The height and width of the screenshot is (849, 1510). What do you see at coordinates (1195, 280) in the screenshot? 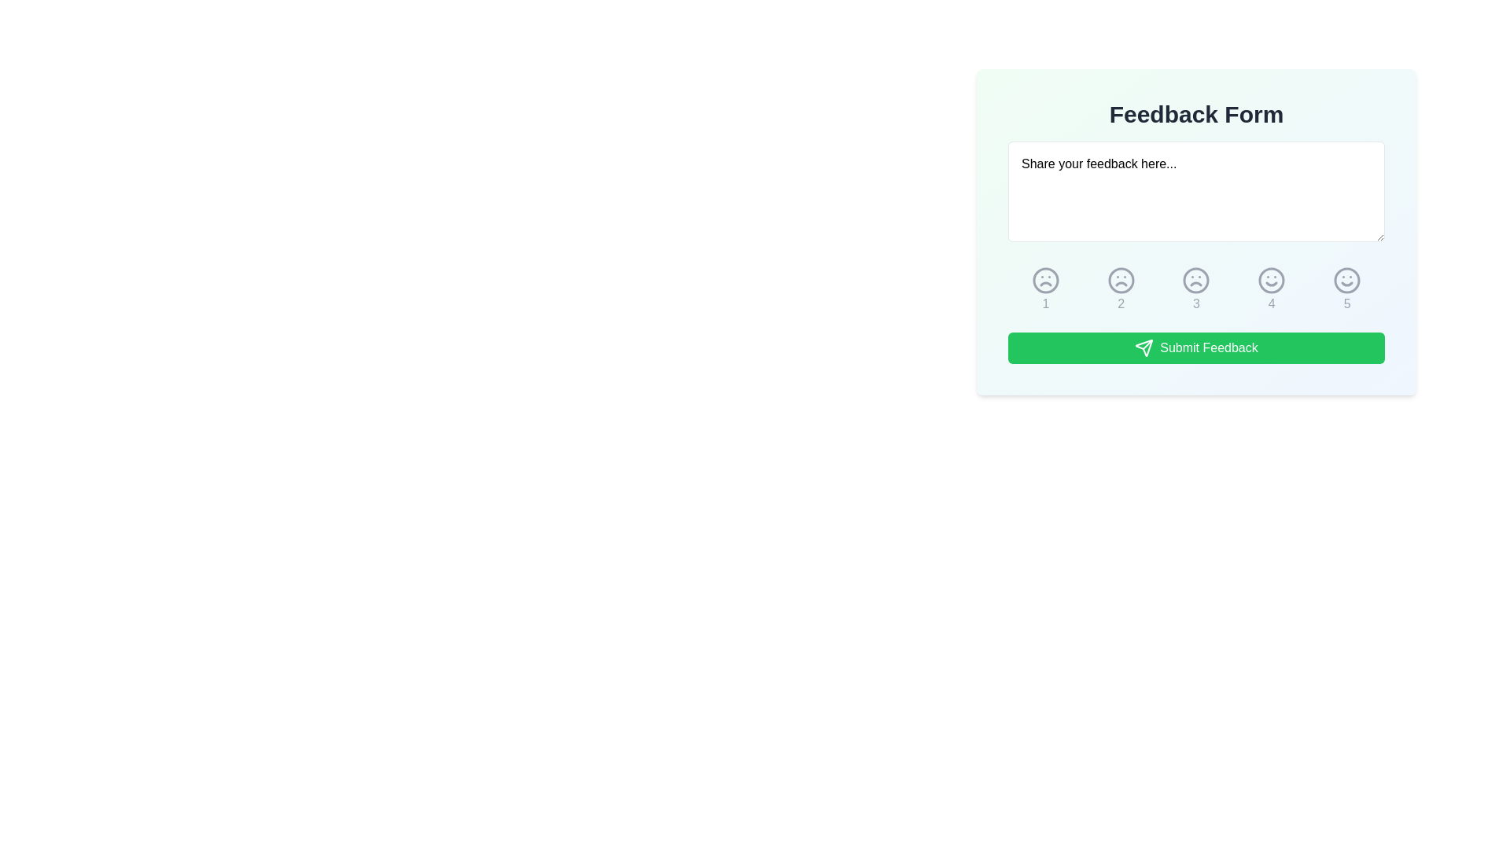
I see `the SVG Circle Element representing the frowning face icon, which is the third option in a row of five rating icons` at bounding box center [1195, 280].